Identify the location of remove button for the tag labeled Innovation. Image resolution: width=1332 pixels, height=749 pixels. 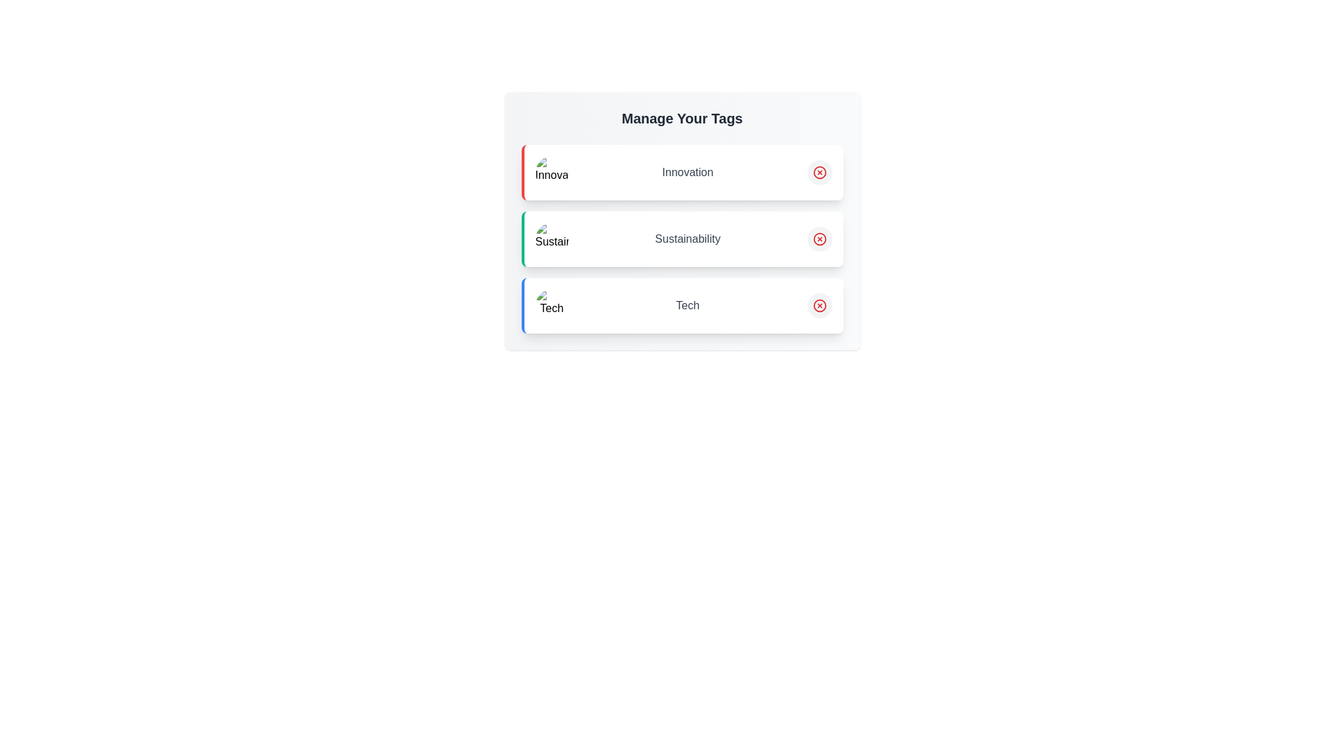
(819, 172).